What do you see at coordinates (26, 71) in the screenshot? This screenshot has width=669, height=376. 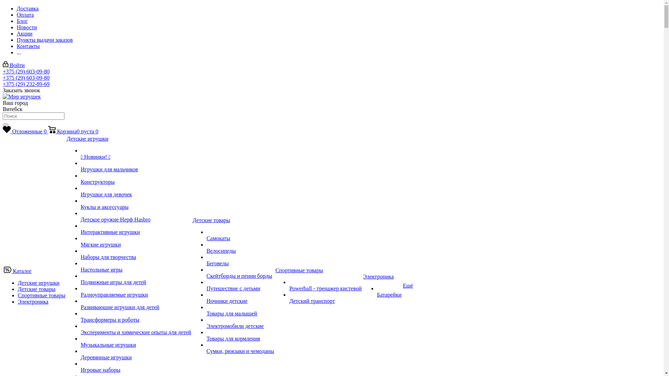 I see `'+375 (29) 603-09-80'` at bounding box center [26, 71].